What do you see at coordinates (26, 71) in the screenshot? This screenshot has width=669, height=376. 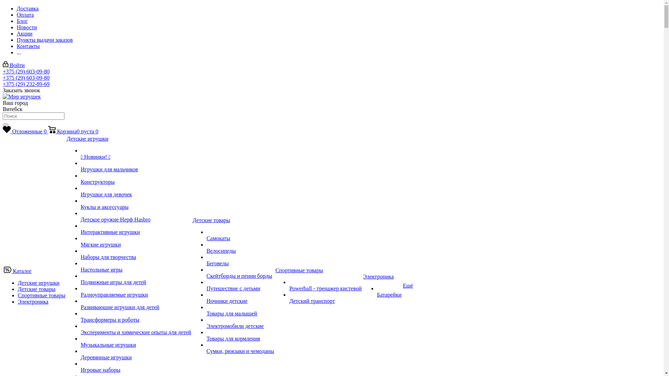 I see `'+375 (29) 603-09-80'` at bounding box center [26, 71].